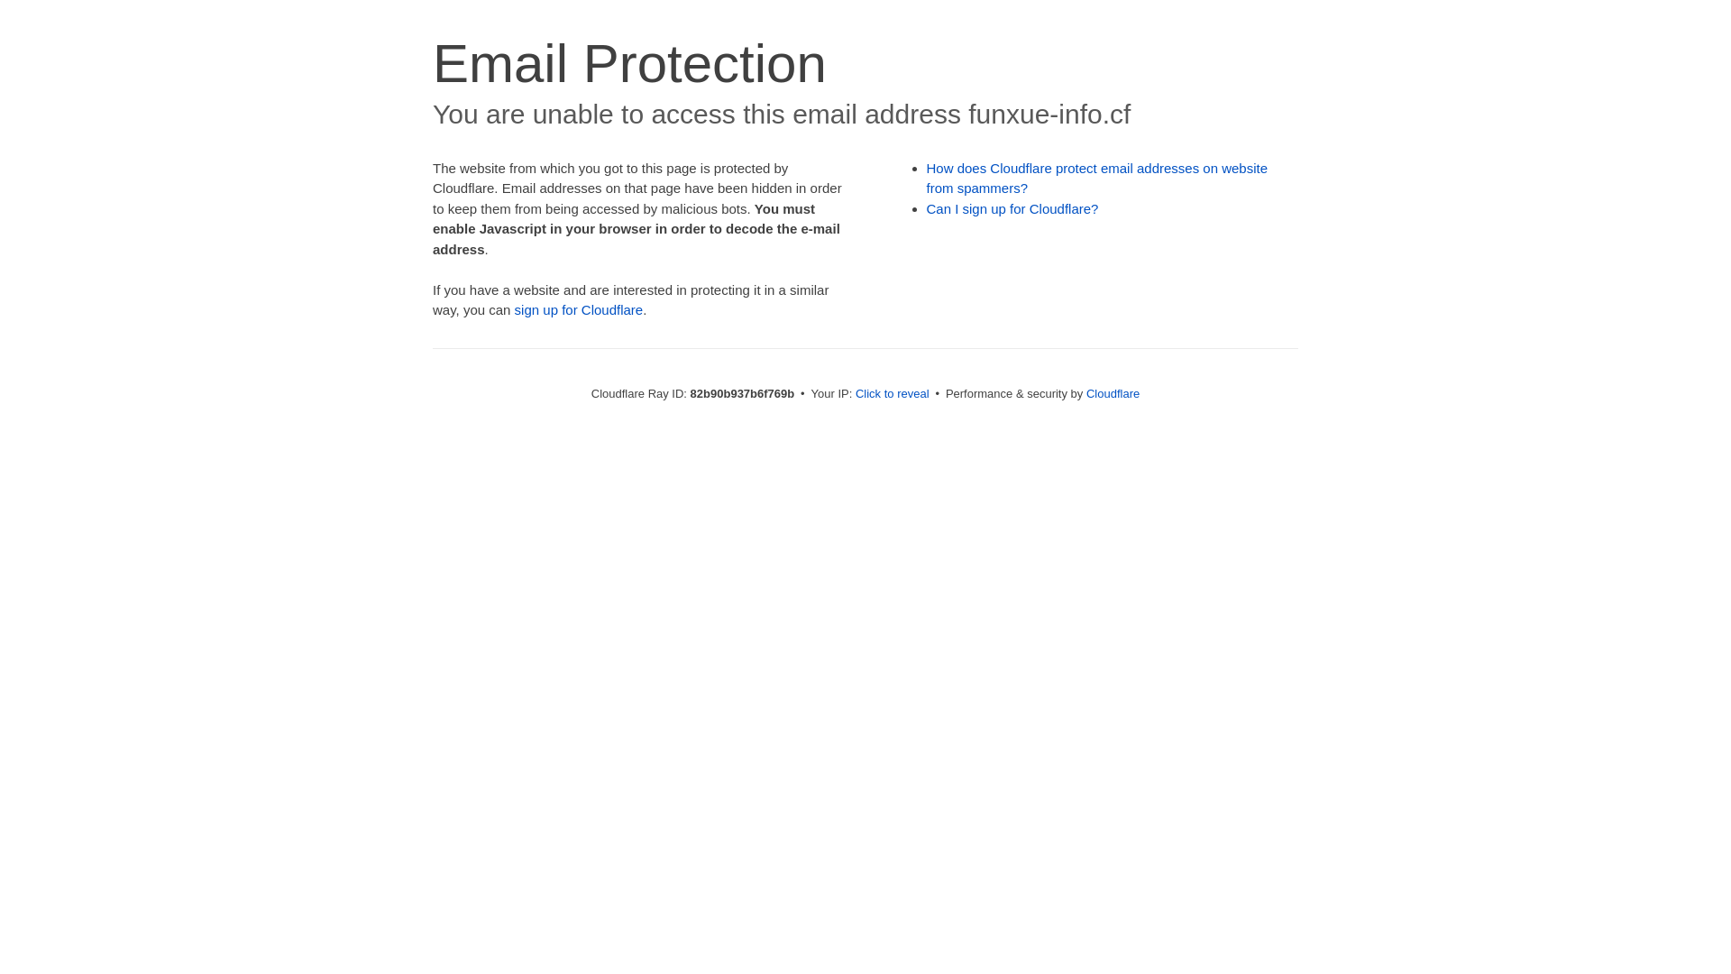  I want to click on 'sign up for Cloudflare', so click(579, 308).